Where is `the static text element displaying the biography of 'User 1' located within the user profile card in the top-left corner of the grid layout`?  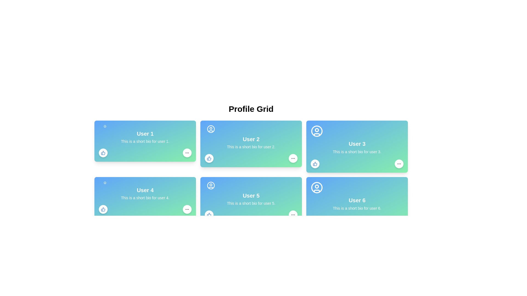 the static text element displaying the biography of 'User 1' located within the user profile card in the top-left corner of the grid layout is located at coordinates (145, 141).